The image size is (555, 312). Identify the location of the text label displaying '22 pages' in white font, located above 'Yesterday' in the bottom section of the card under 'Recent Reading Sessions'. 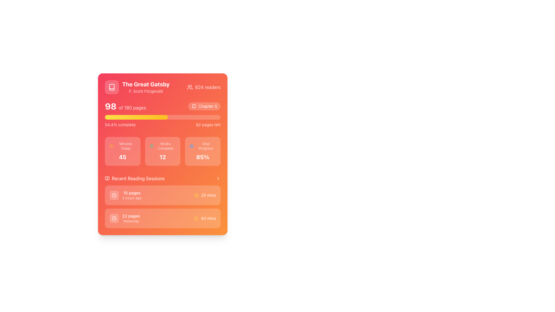
(131, 216).